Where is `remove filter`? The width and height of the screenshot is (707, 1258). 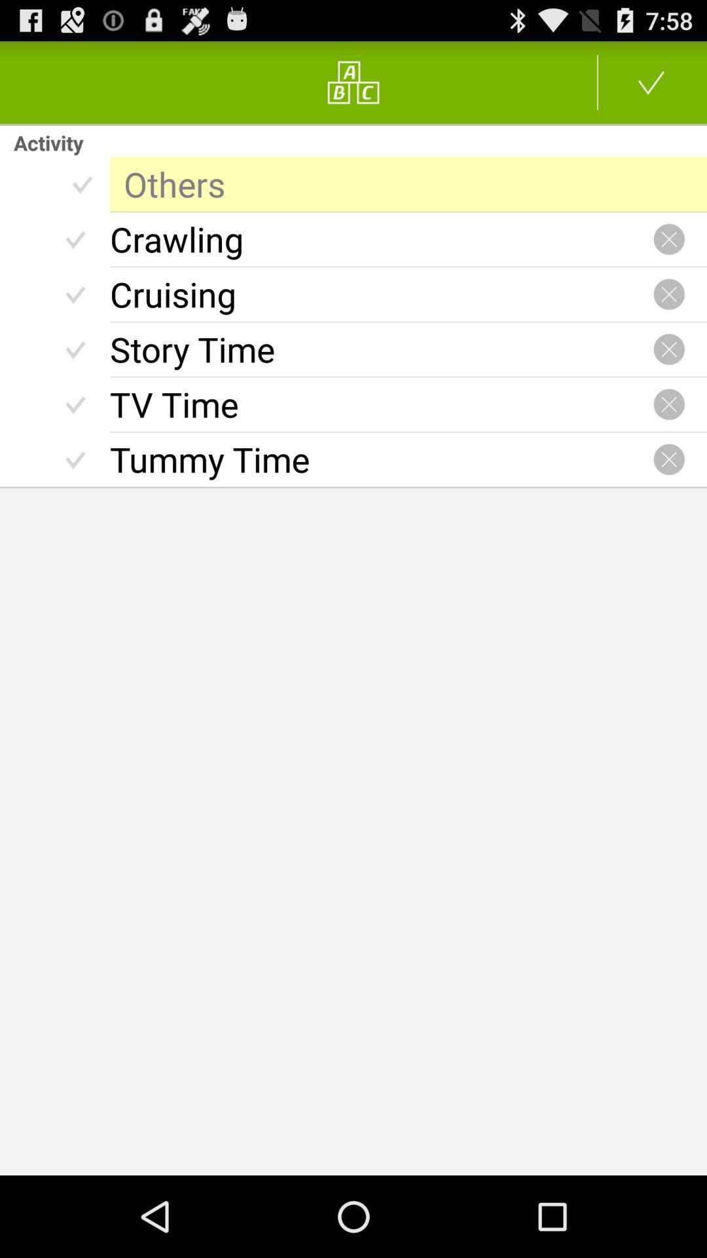
remove filter is located at coordinates (669, 294).